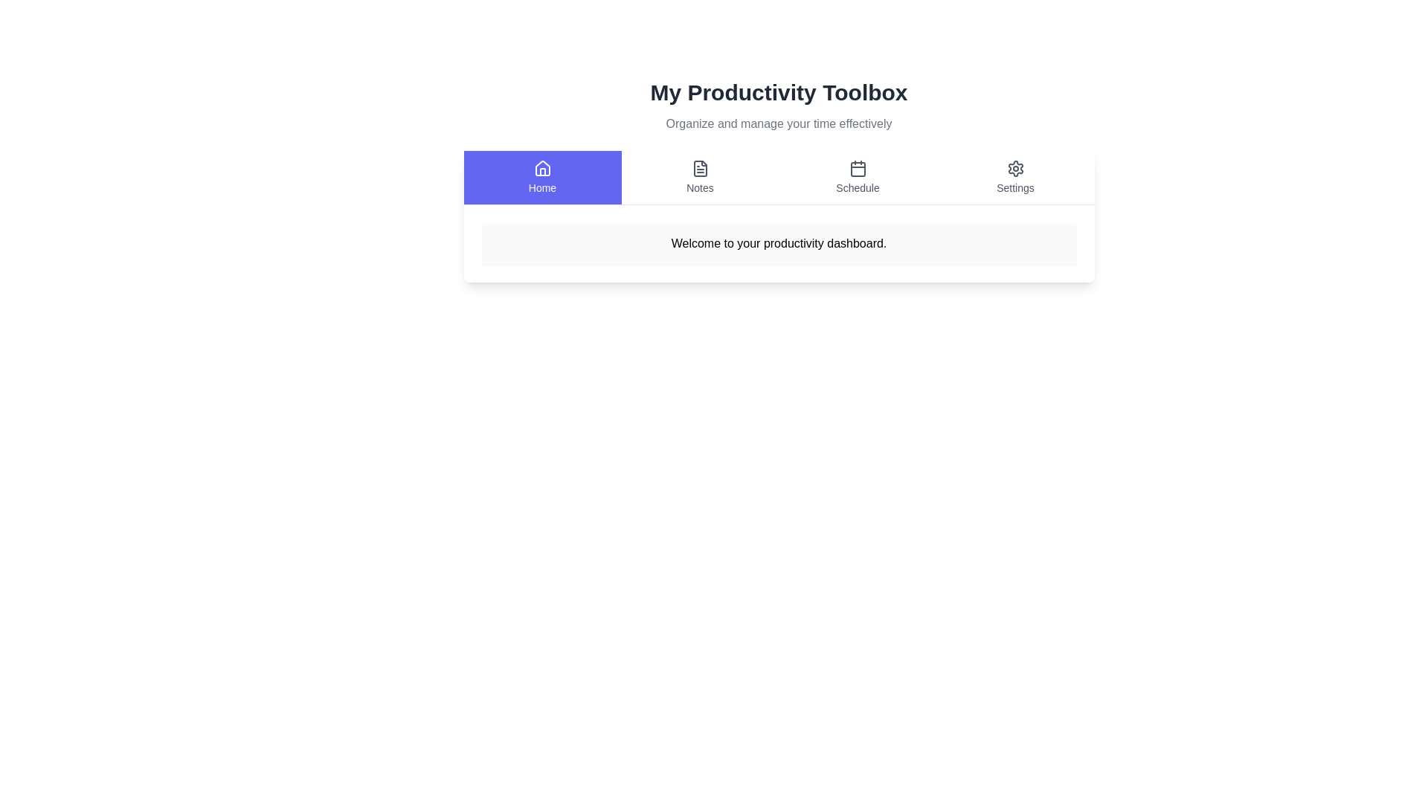  What do you see at coordinates (1014, 168) in the screenshot?
I see `the gear-shaped settings icon located at the top-right section of the interface` at bounding box center [1014, 168].